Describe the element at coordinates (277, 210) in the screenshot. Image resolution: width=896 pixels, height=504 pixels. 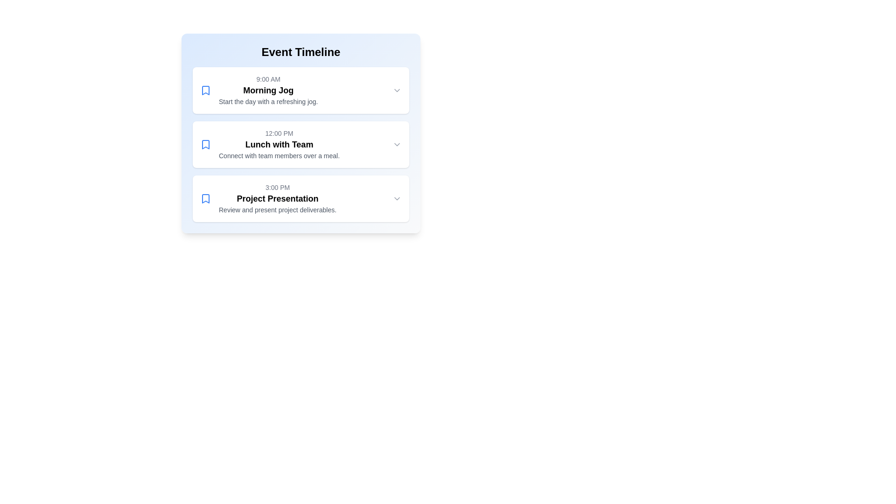
I see `the static text element that states 'Review and present project deliverables', which is styled in small grey font and located beneath the 'Project Presentation' heading in the event timeline interface` at that location.